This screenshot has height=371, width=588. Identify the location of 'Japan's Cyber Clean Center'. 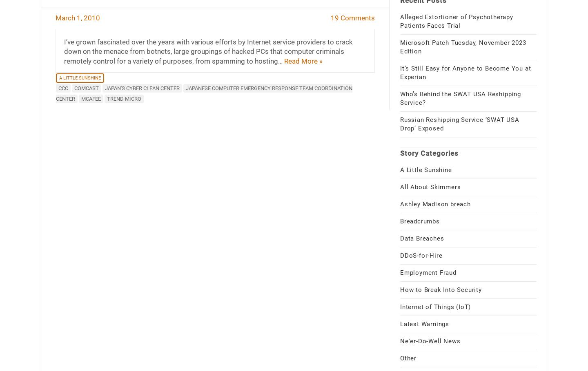
(142, 88).